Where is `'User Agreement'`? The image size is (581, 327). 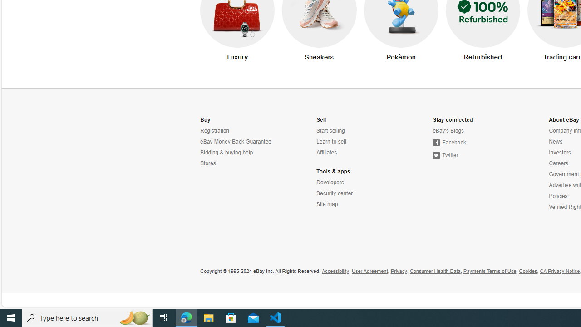
'User Agreement' is located at coordinates (369, 271).